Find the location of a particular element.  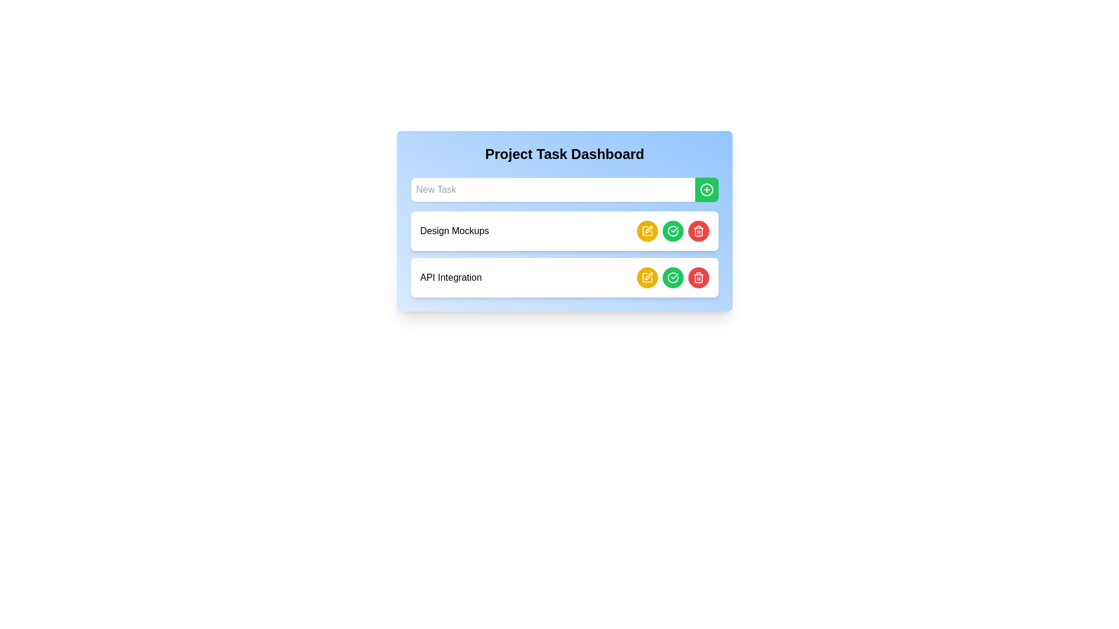

the edit button located in the second task section labeled 'API Integration', which is the middle icon among the three buttons on the right side of this section is located at coordinates (648, 229).